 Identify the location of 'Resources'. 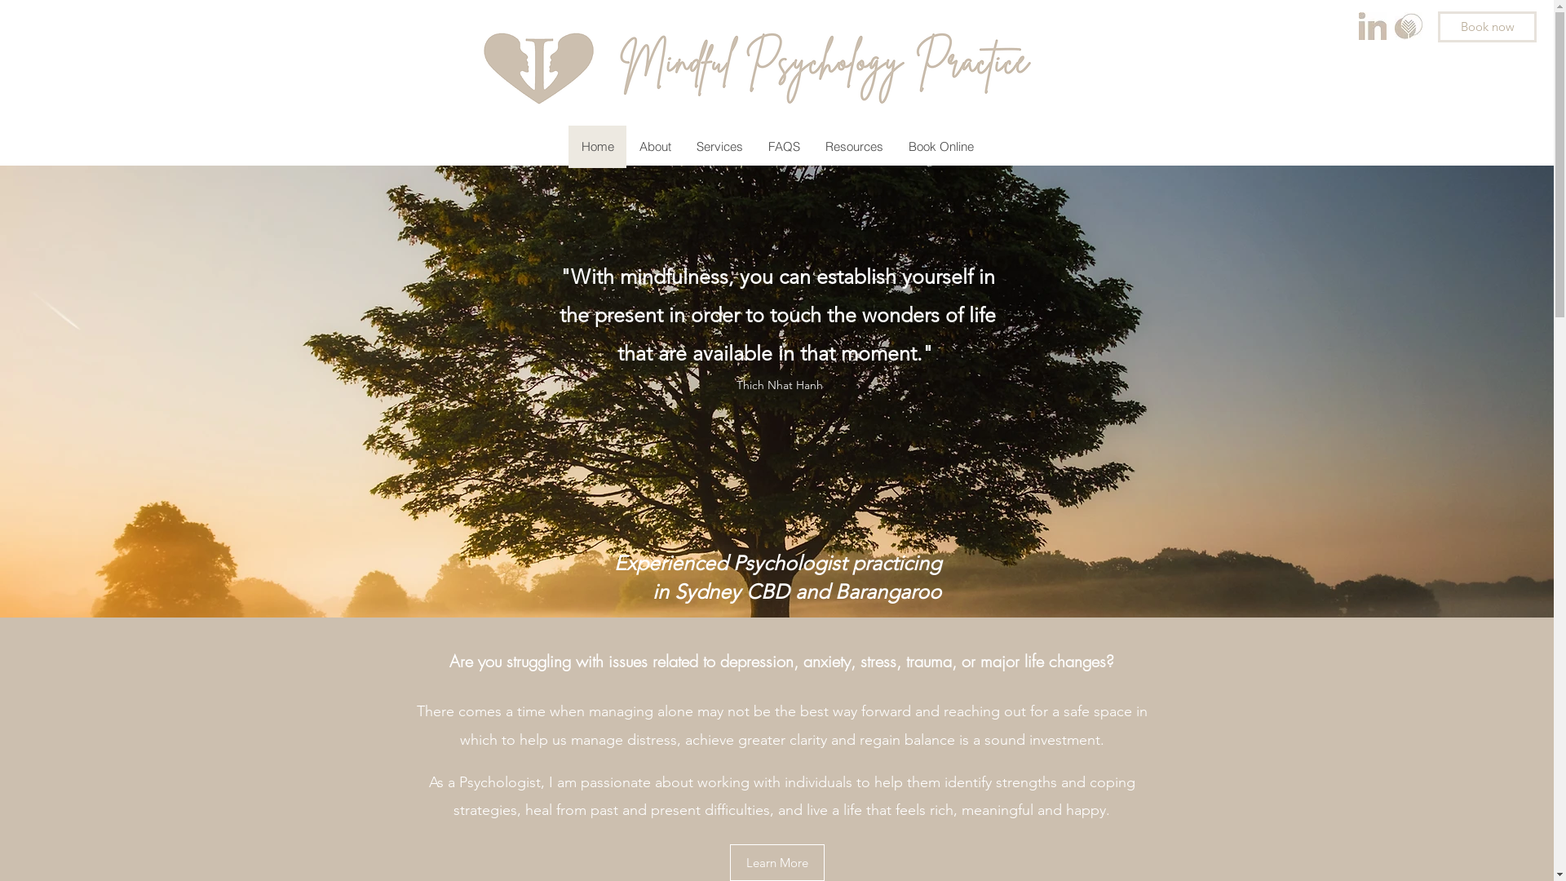
(852, 147).